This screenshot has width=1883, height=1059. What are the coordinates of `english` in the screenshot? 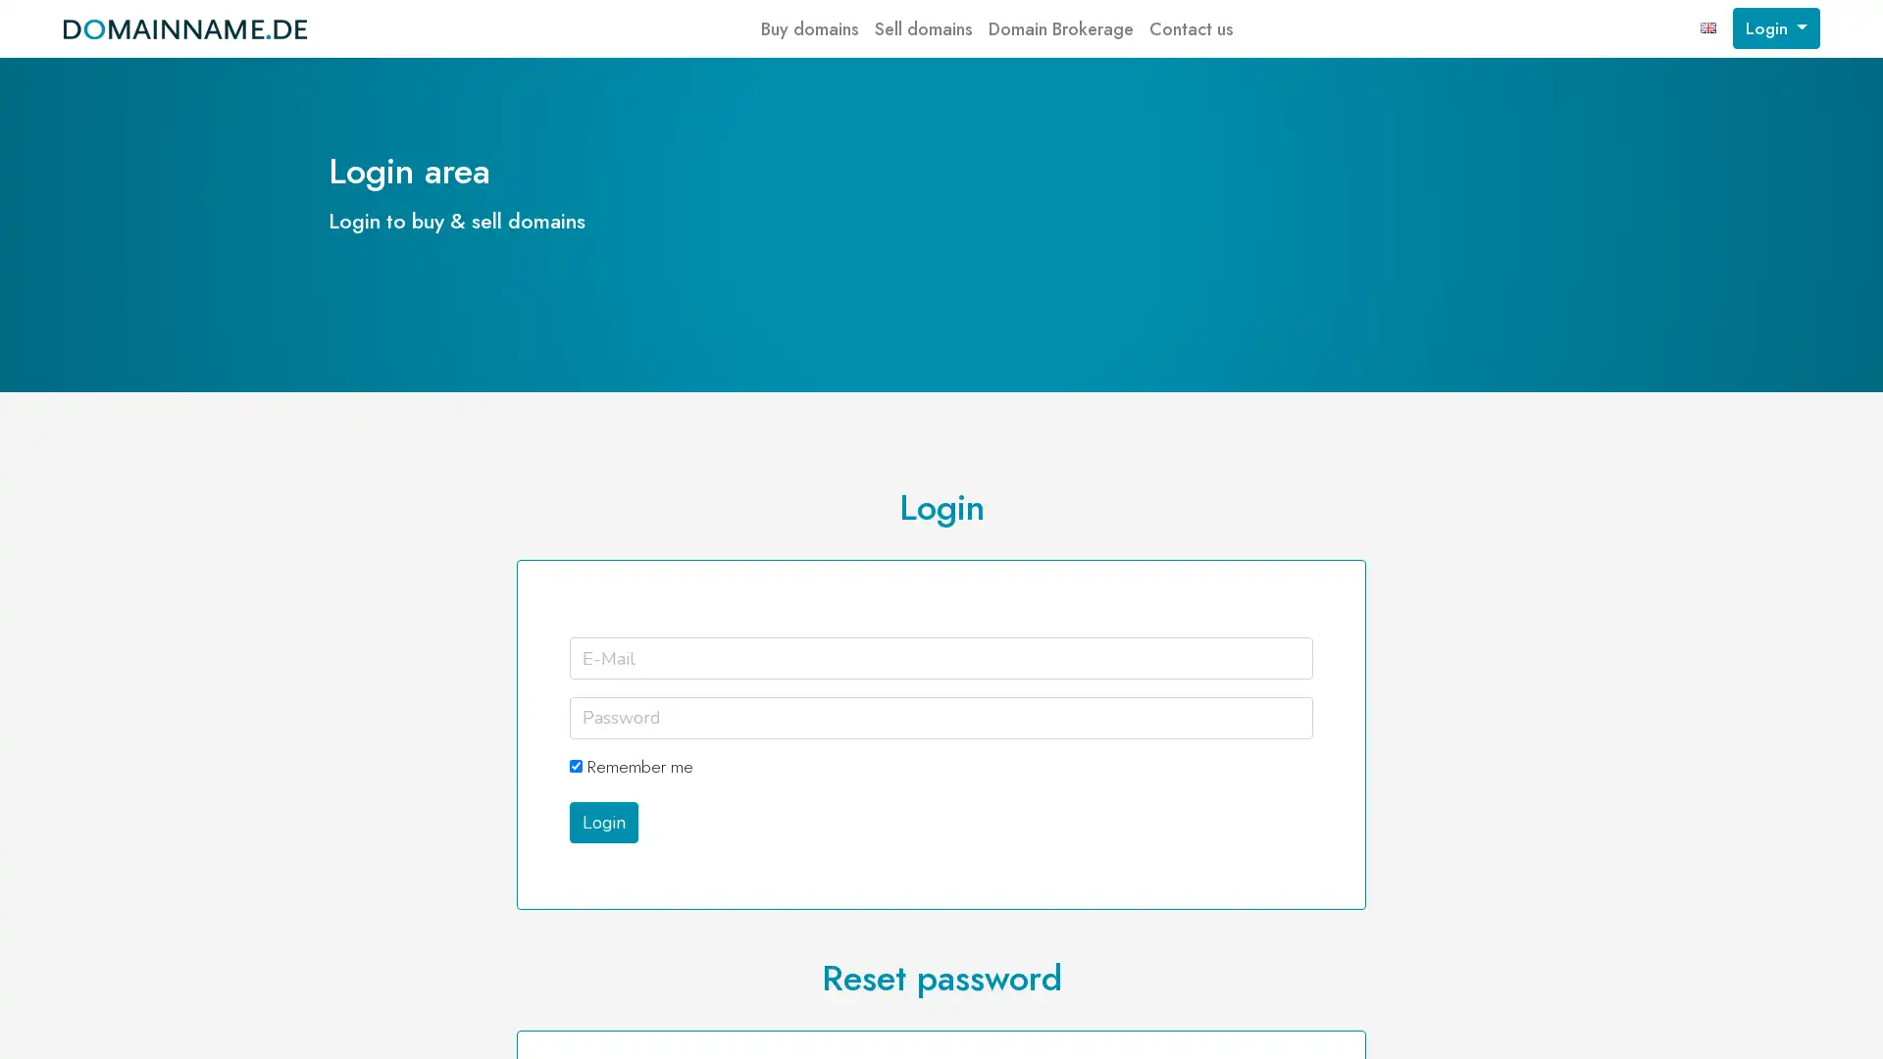 It's located at (1707, 28).